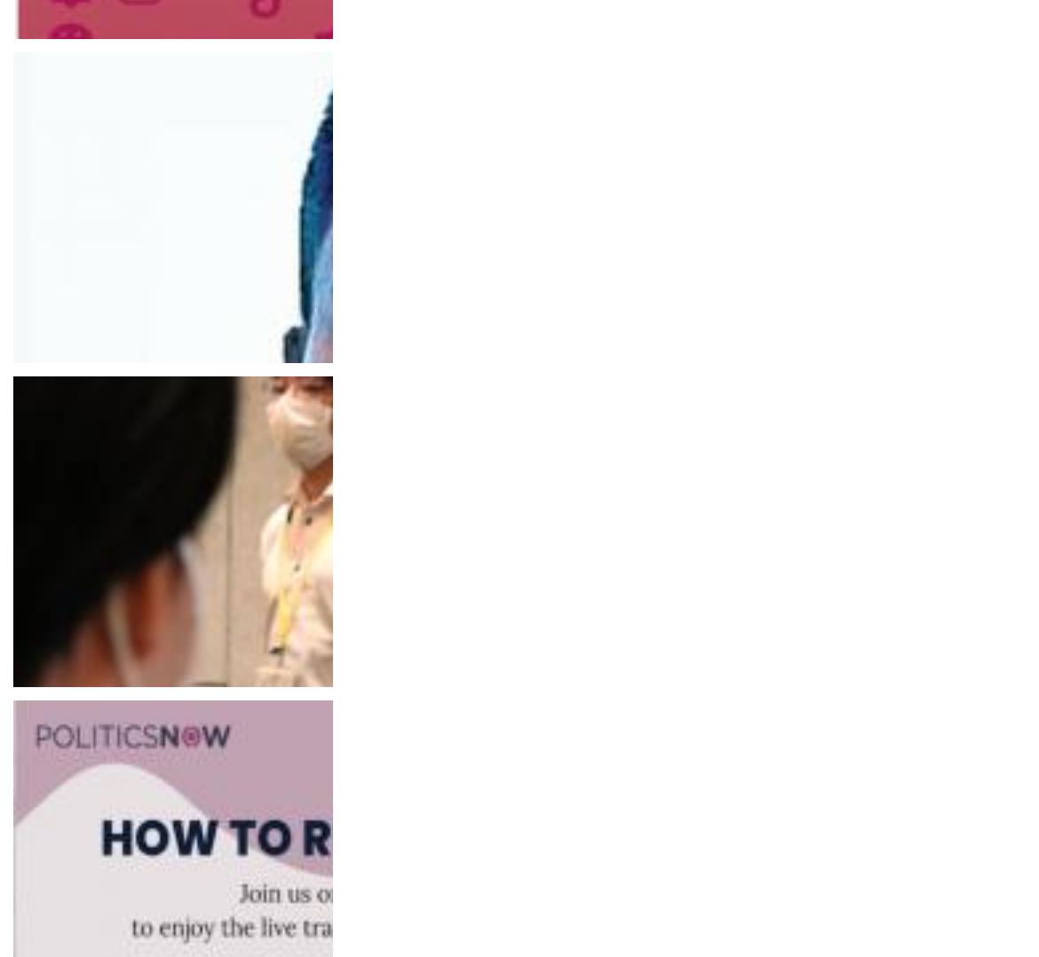 This screenshot has width=1039, height=957. Describe the element at coordinates (30, 416) in the screenshot. I see `'Institute for Strategic Dialogue'` at that location.